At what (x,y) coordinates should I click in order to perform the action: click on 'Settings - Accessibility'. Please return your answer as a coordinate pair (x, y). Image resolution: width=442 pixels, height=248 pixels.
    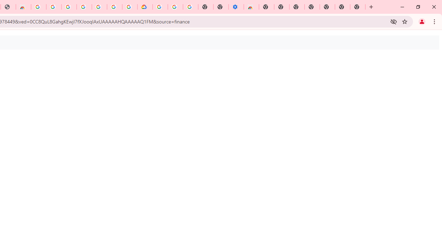
    Looking at the image, I should click on (236, 7).